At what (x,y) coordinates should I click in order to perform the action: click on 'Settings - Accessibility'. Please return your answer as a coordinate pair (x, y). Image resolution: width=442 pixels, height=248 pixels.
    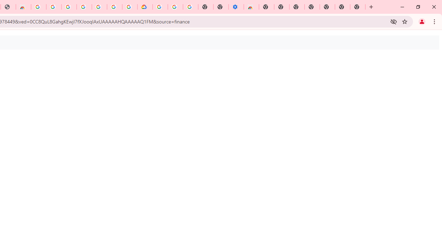
    Looking at the image, I should click on (236, 7).